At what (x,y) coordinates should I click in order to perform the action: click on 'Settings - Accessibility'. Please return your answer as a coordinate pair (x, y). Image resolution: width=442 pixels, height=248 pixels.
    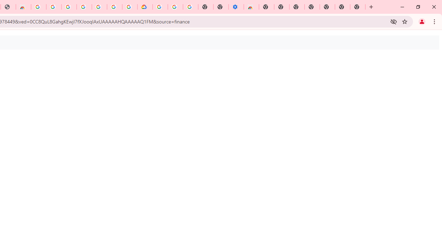
    Looking at the image, I should click on (236, 7).